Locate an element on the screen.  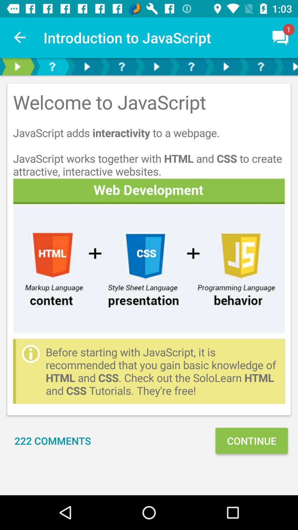
the item below the welcome to javascript item is located at coordinates (149, 255).